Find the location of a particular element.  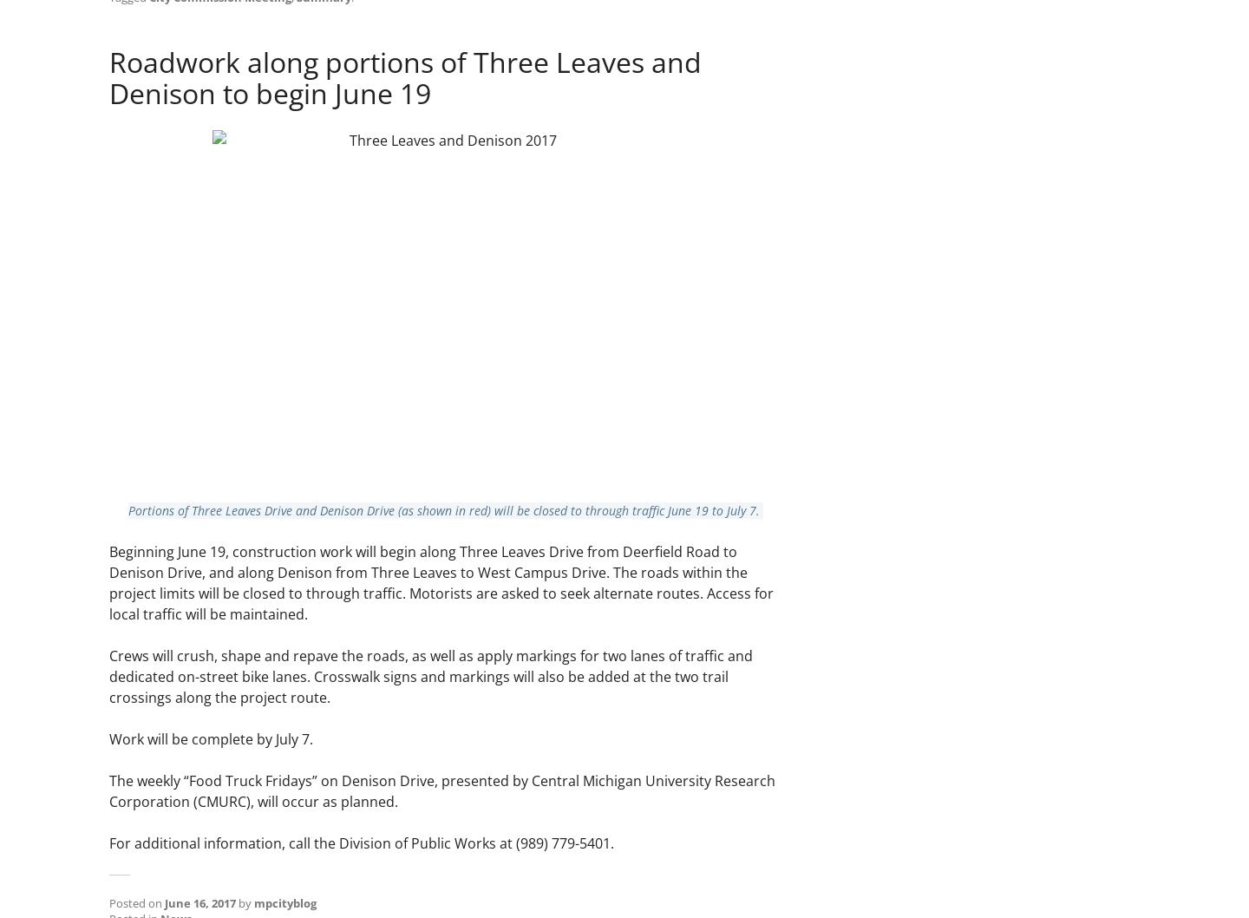

'Portions of Three Leaves Drive and Denison Drive (as shown in red) will be closed to through traffic June 19 to July 7.' is located at coordinates (444, 509).